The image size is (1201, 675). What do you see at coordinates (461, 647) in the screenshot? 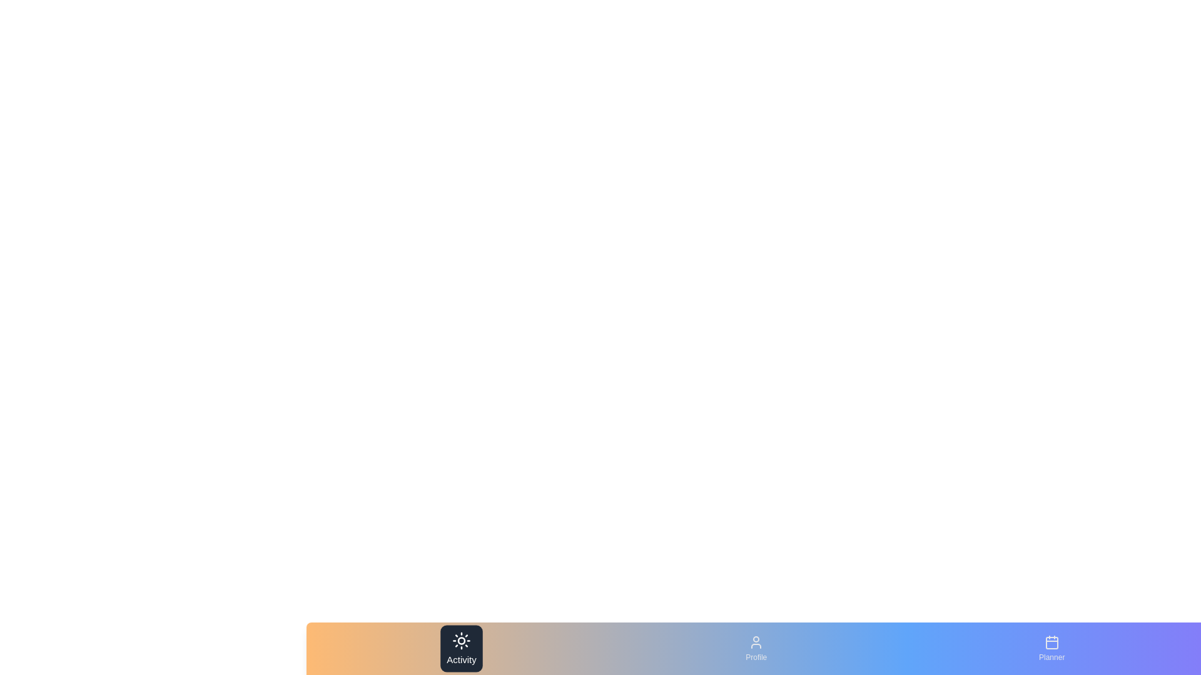
I see `the tab labeled Activity` at bounding box center [461, 647].